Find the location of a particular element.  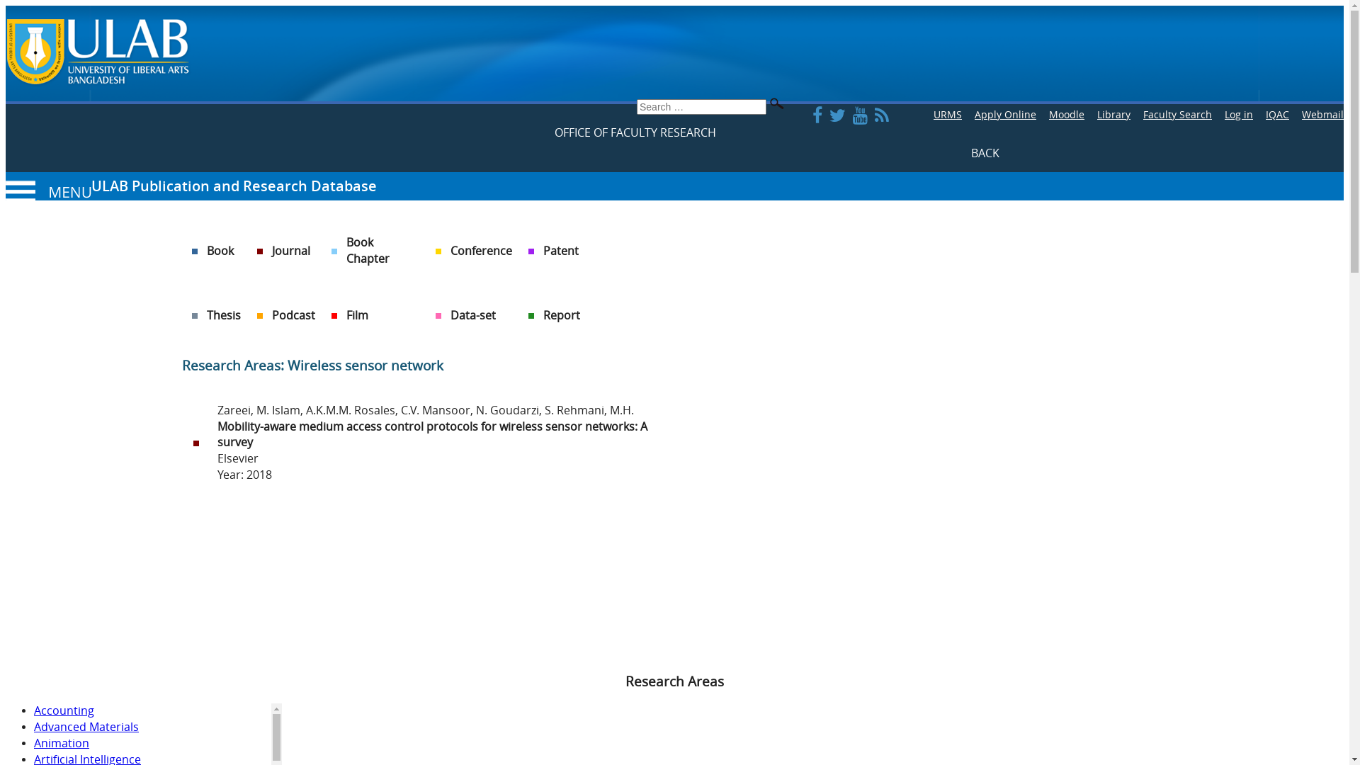

'OFFICE OF FACULTY RESEARCH' is located at coordinates (634, 132).